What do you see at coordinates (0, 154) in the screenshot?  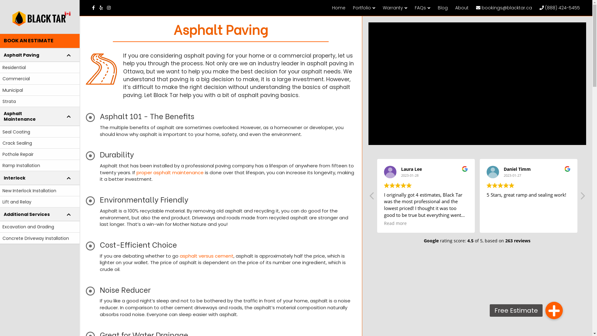 I see `'Pothole Repair'` at bounding box center [0, 154].